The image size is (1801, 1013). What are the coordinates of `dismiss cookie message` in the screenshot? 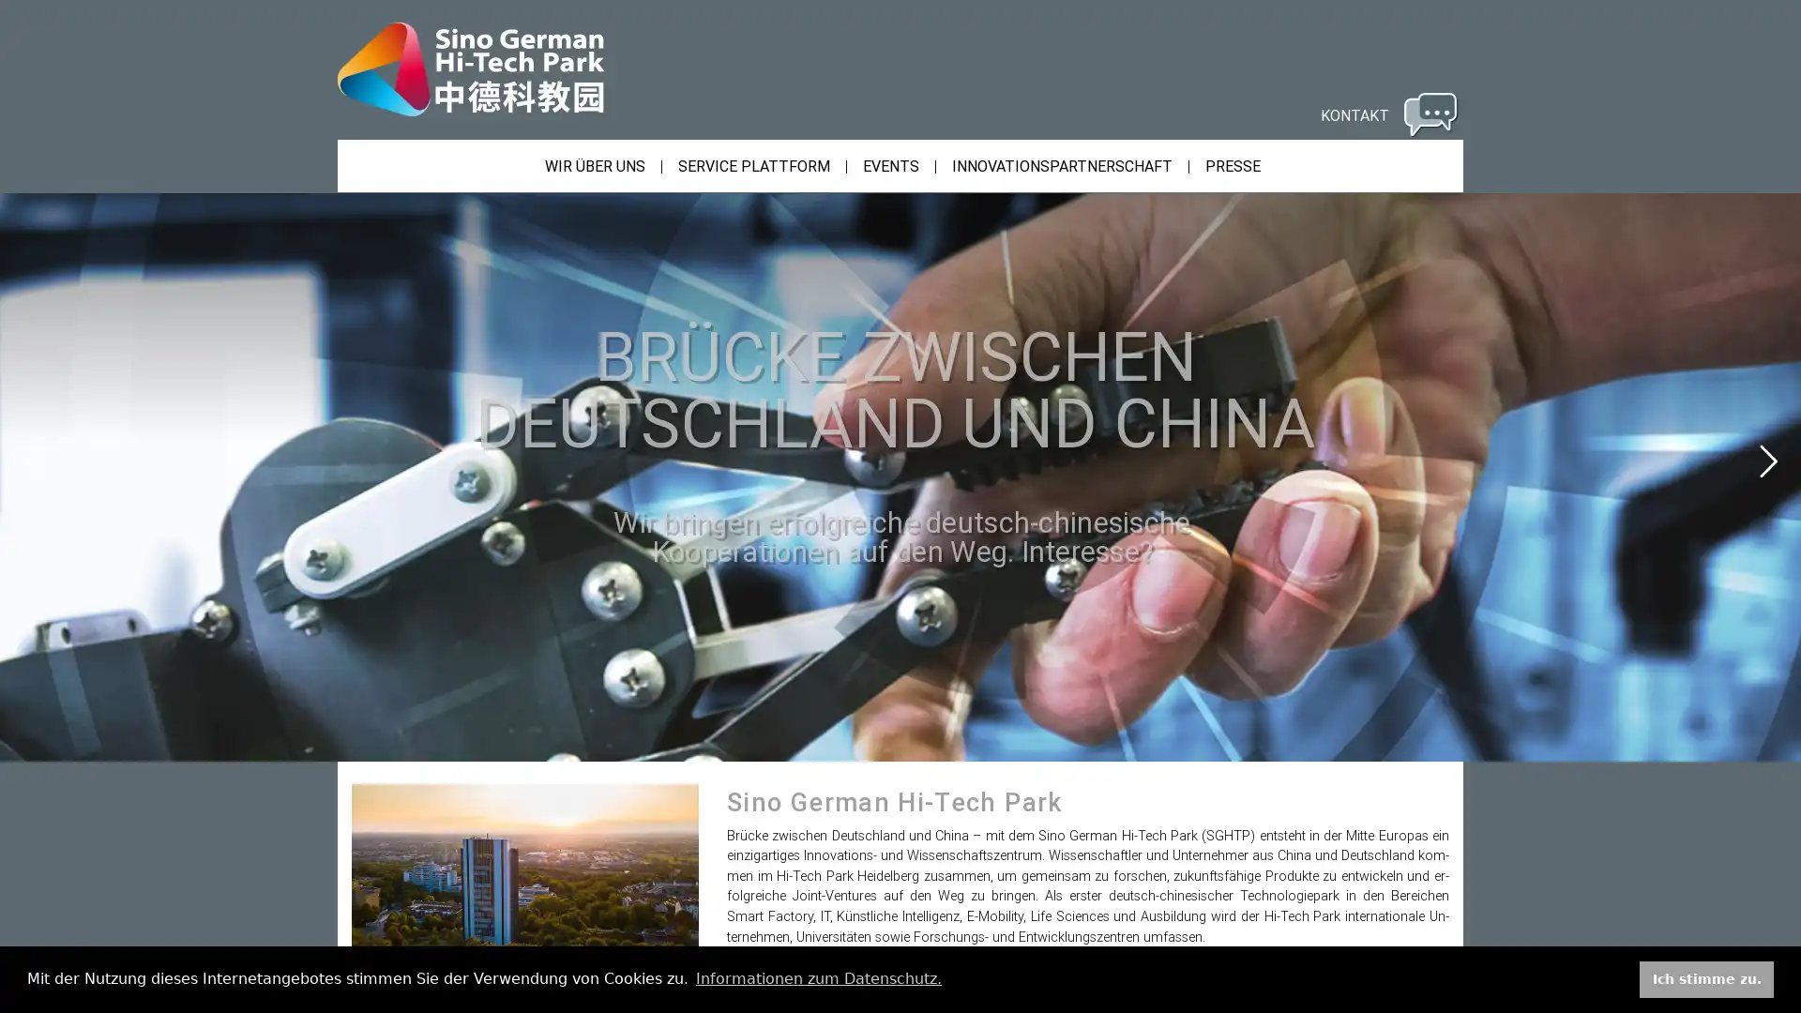 It's located at (1706, 978).